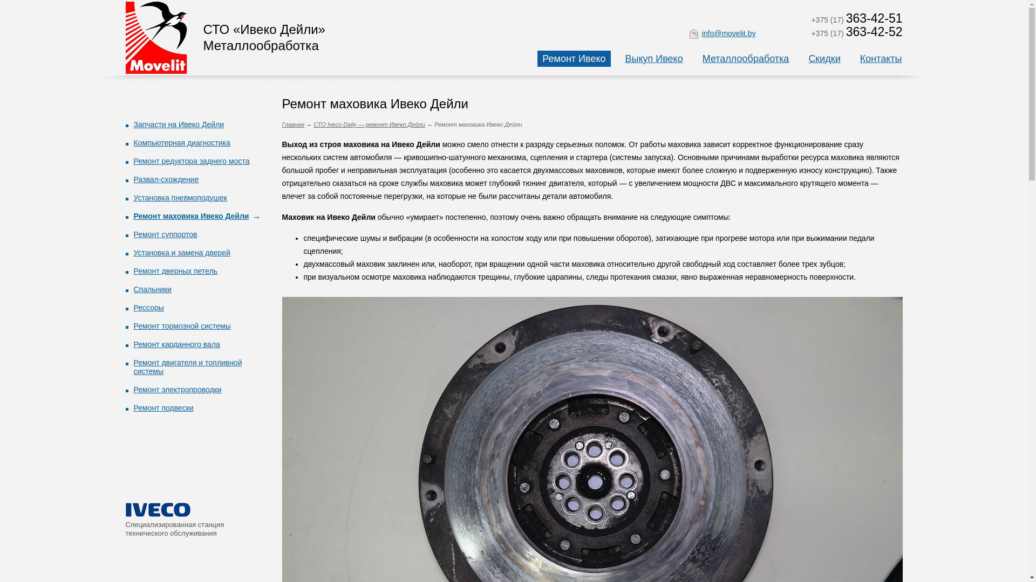 This screenshot has height=582, width=1036. Describe the element at coordinates (723, 33) in the screenshot. I see `'info@movelit.by'` at that location.